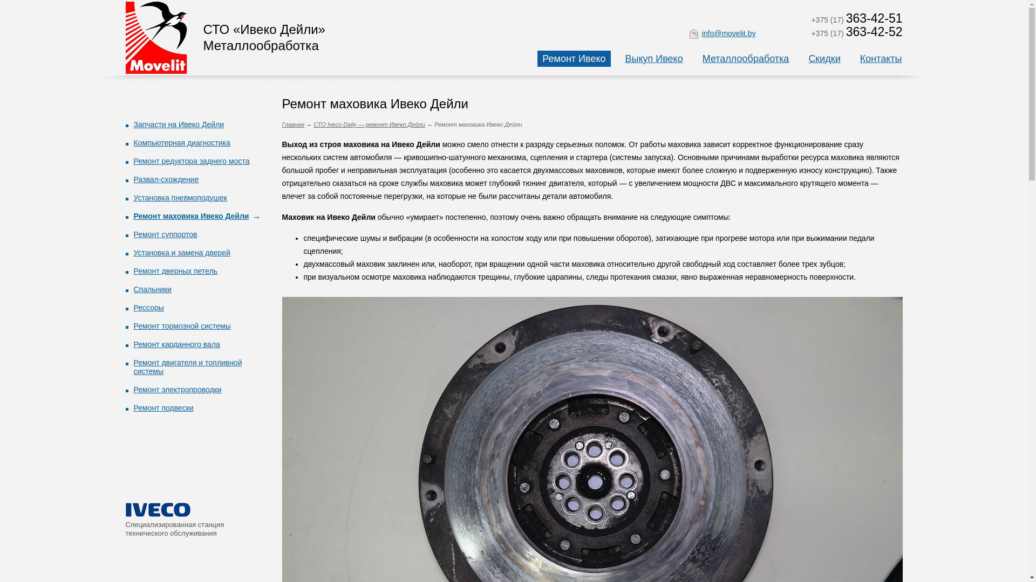 This screenshot has height=582, width=1036. Describe the element at coordinates (723, 33) in the screenshot. I see `'info@movelit.by'` at that location.